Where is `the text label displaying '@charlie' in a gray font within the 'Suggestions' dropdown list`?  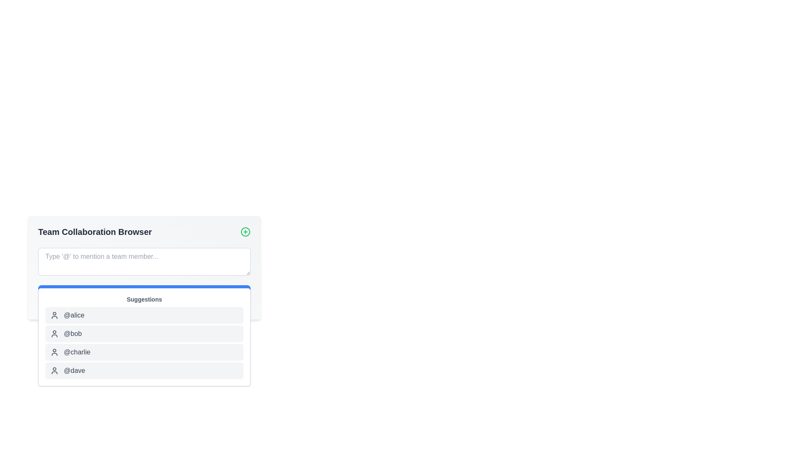
the text label displaying '@charlie' in a gray font within the 'Suggestions' dropdown list is located at coordinates (77, 352).